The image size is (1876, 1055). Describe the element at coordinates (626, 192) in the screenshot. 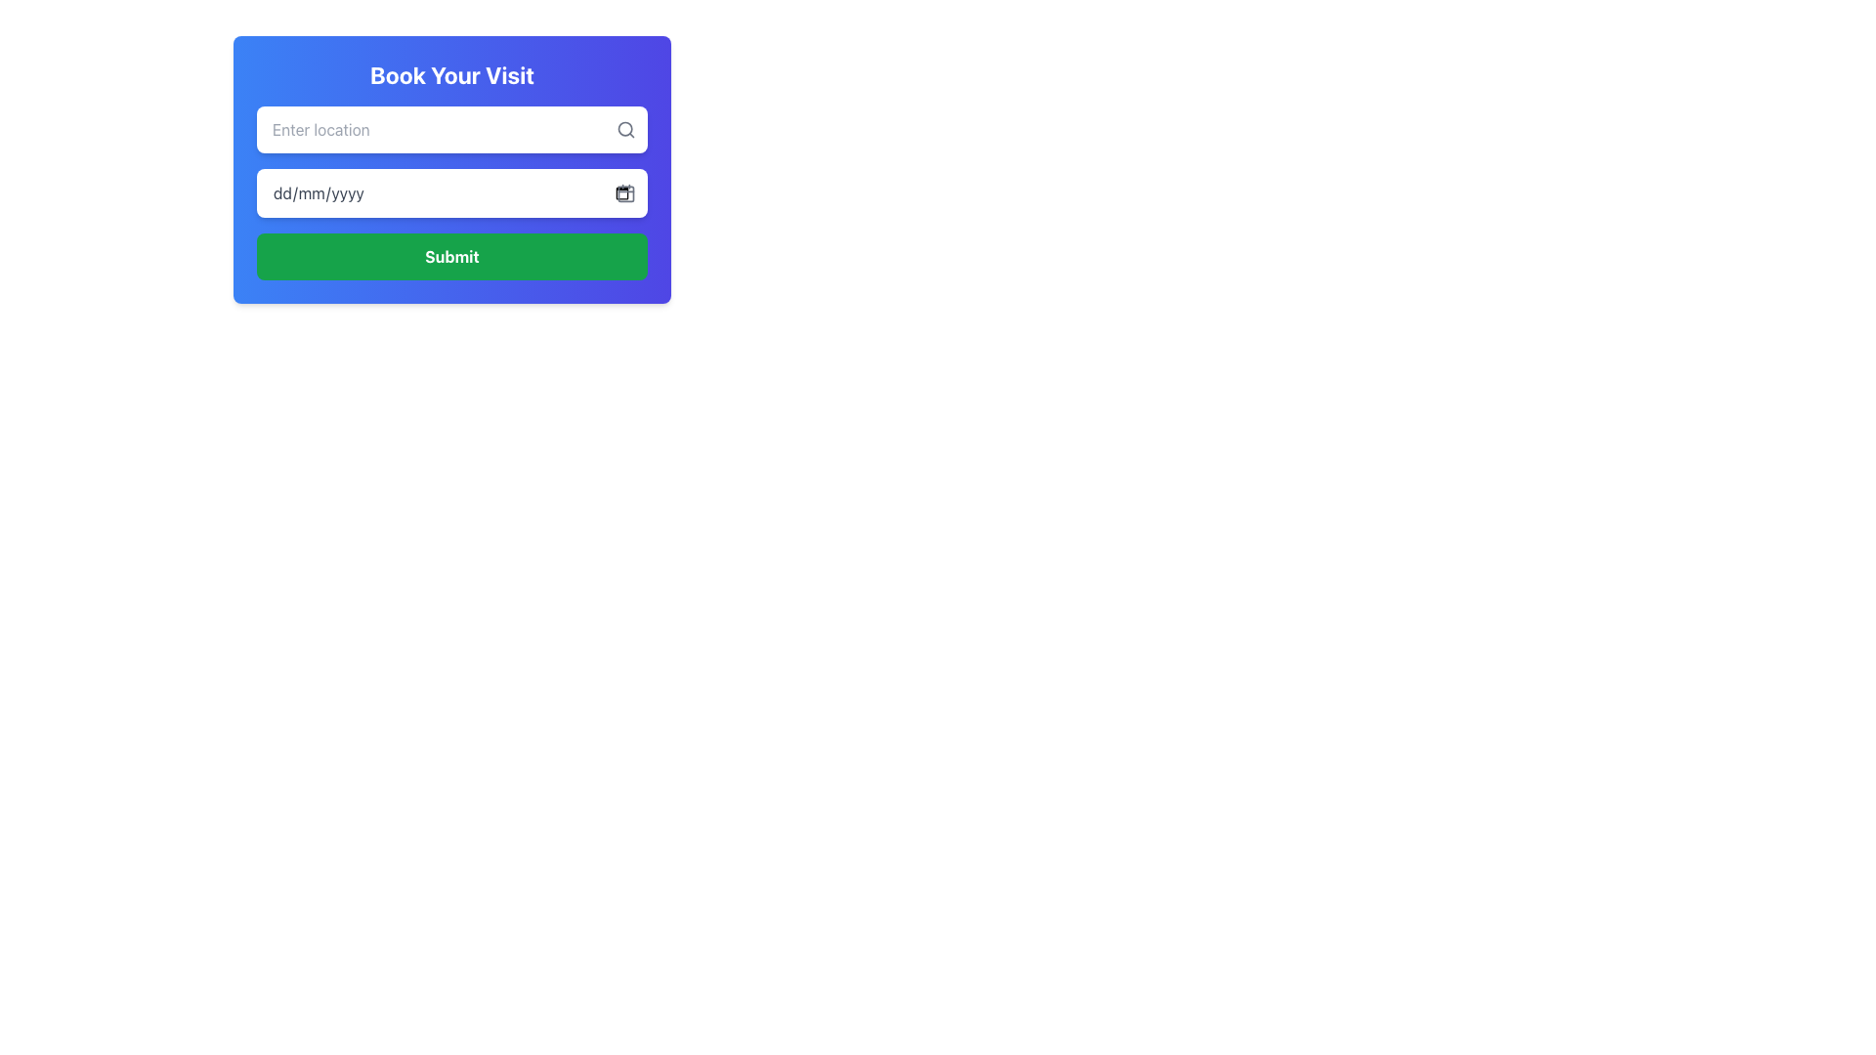

I see `the calendar icon located at the end of the horizontal layout right-aligned with the date input box titled 'dd/mm/yyyy'` at that location.